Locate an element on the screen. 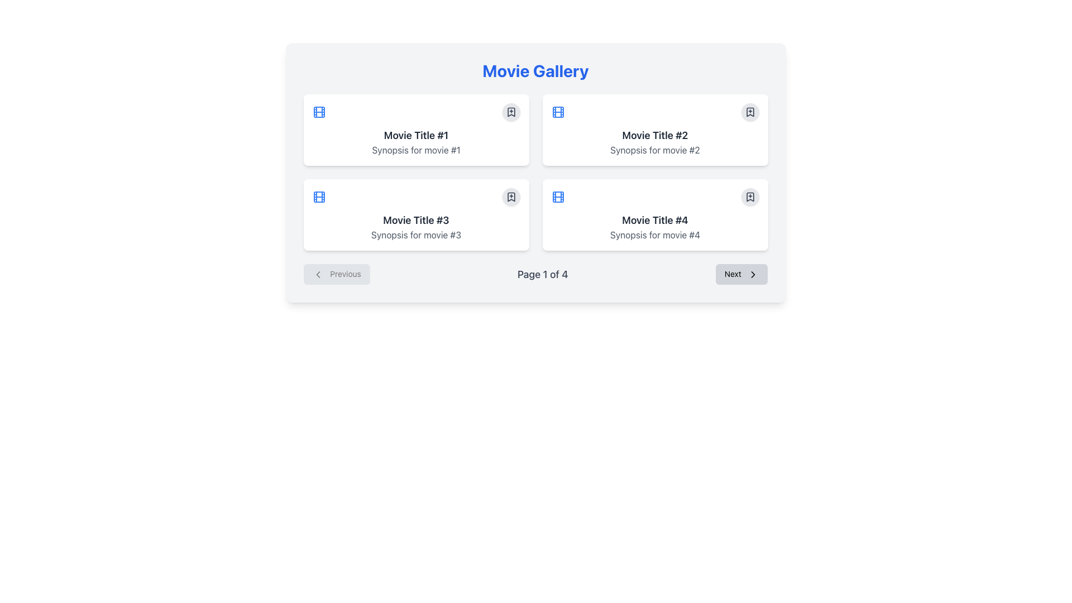 This screenshot has height=603, width=1072. the non-interactive movie icon located in the top-left corner of the card for 'Movie Title #4', positioned above the text of the same title is located at coordinates (558, 197).